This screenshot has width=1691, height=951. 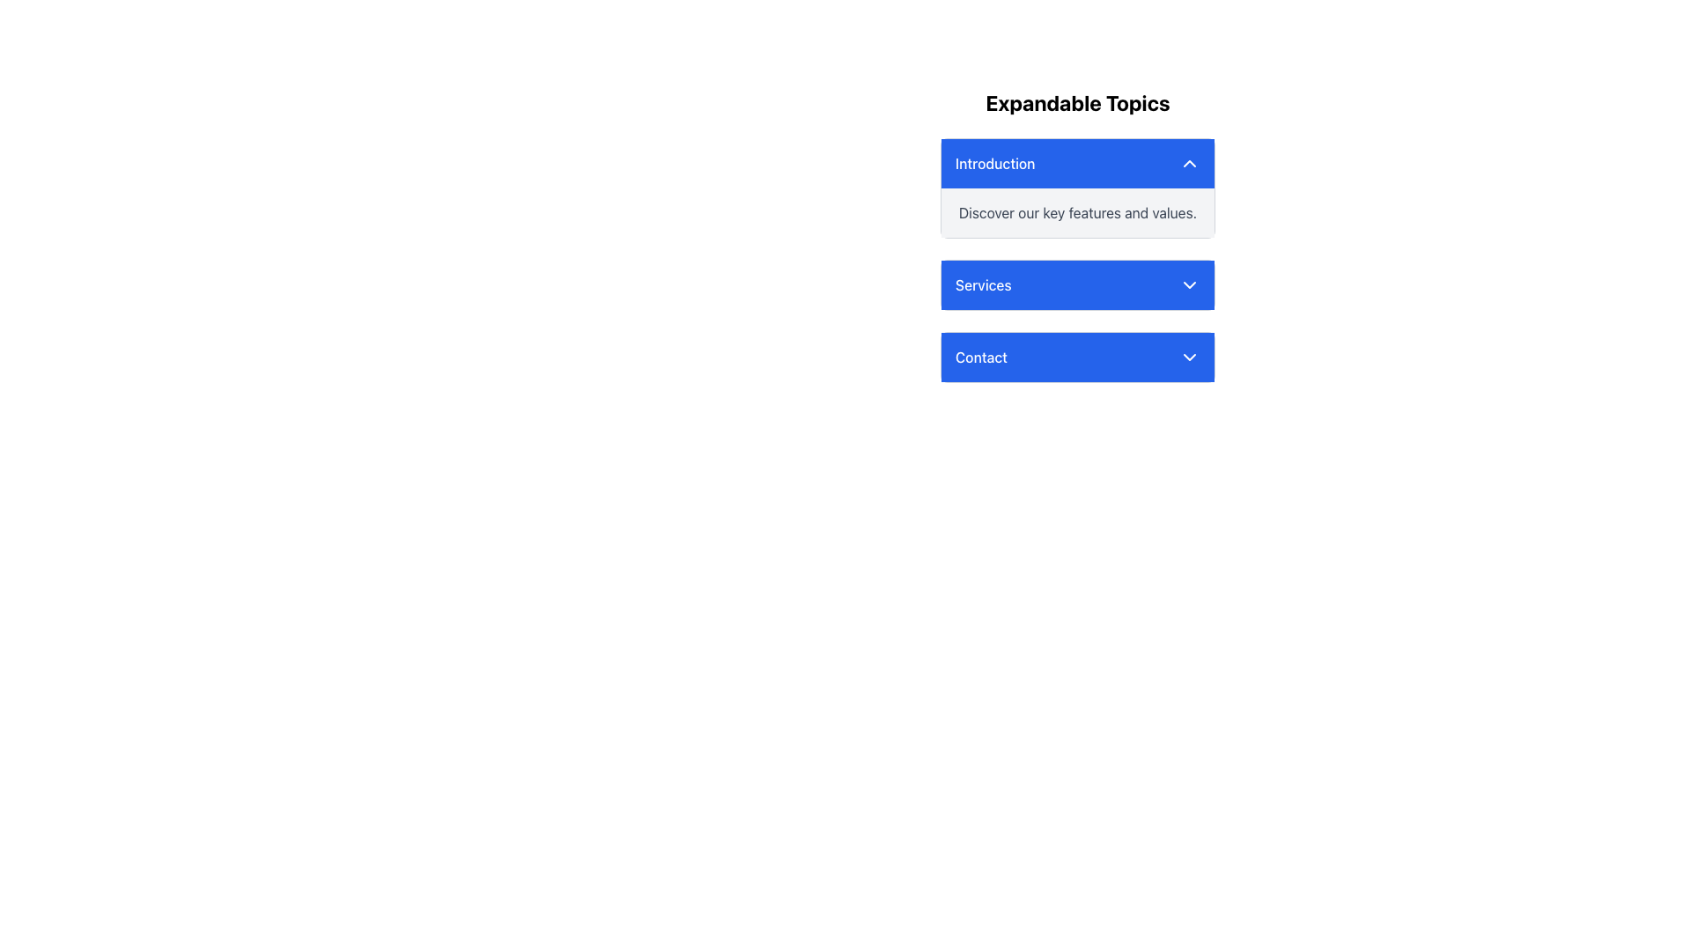 I want to click on the Dropdown Toggle Indicator in the top-right corner of the blue header area of the 'Introduction' section for interaction, so click(x=1189, y=163).